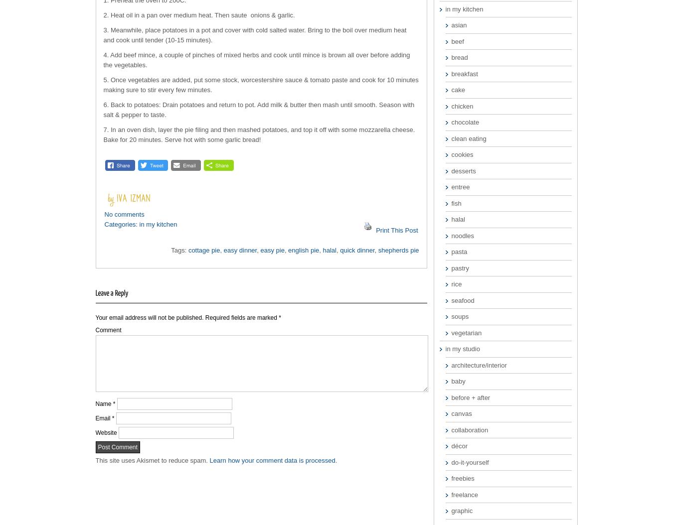 This screenshot has height=525, width=673. What do you see at coordinates (457, 40) in the screenshot?
I see `'beef'` at bounding box center [457, 40].